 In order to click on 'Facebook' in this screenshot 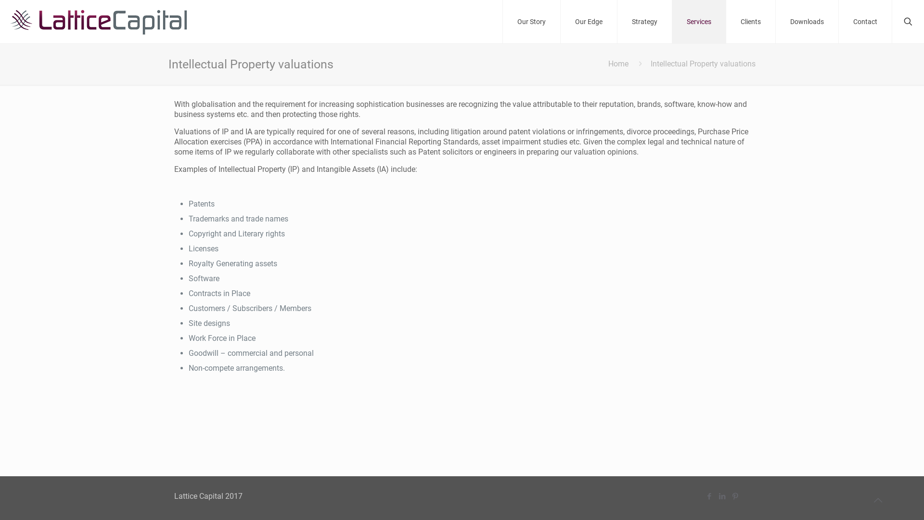, I will do `click(709, 496)`.